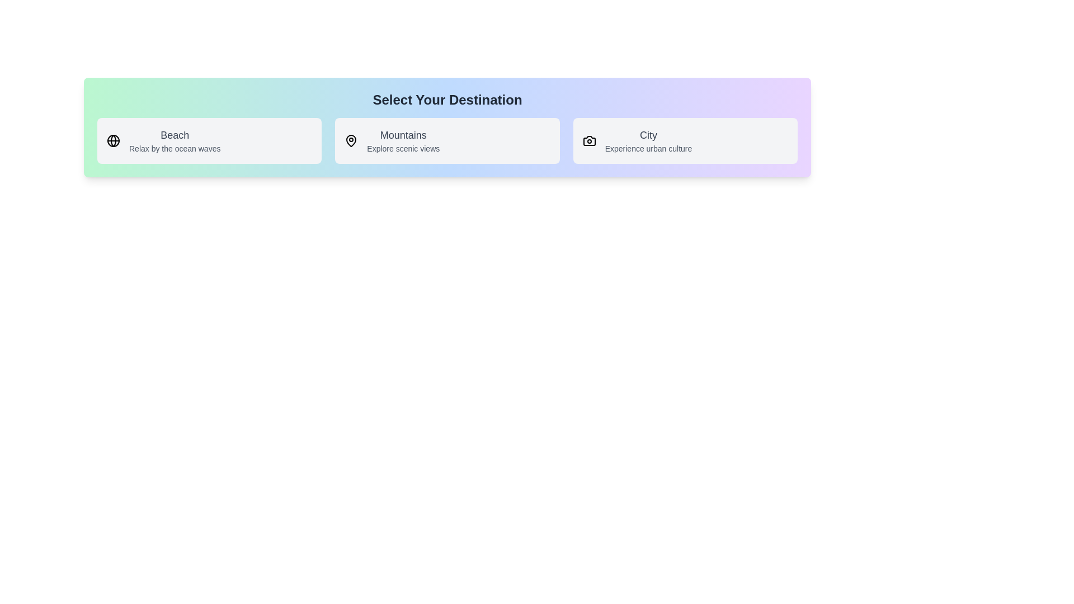 The height and width of the screenshot is (604, 1074). What do you see at coordinates (648, 135) in the screenshot?
I see `the text label that serves as the header for the 'City' destination card, located in the top-right corner of the third card from the left` at bounding box center [648, 135].